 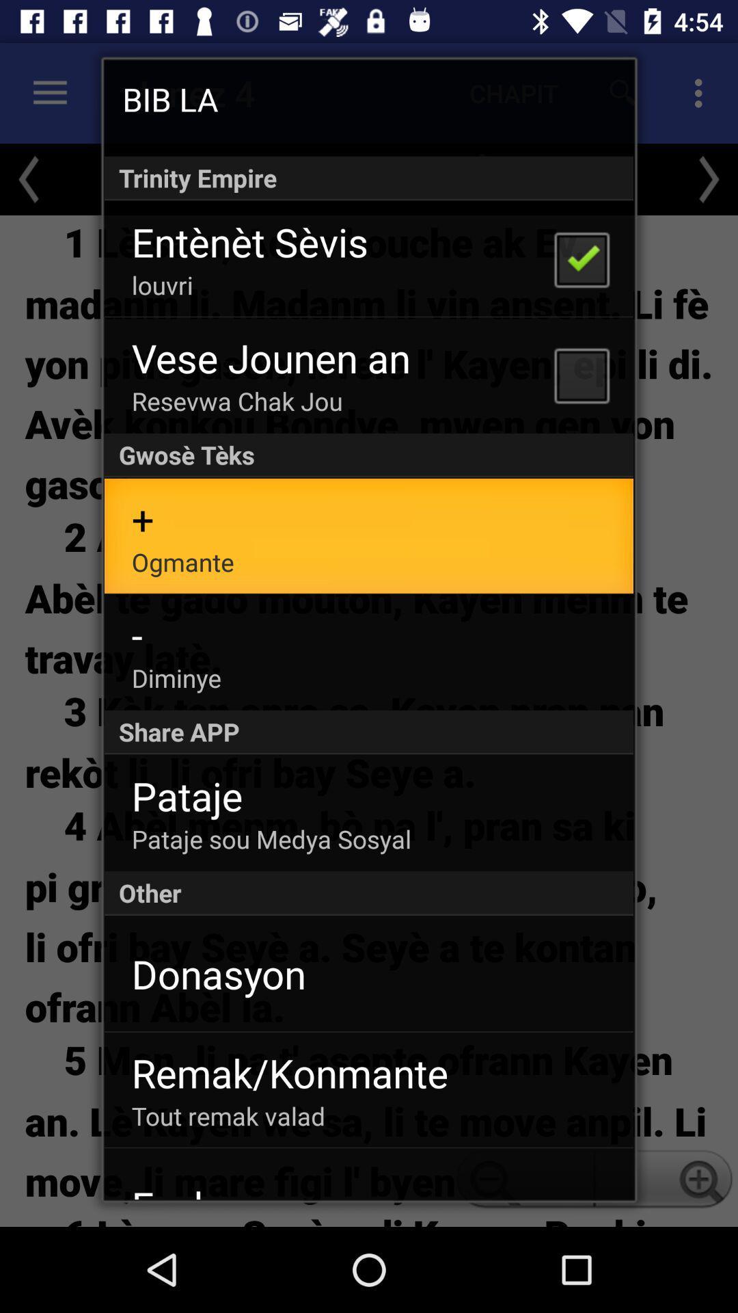 What do you see at coordinates (369, 455) in the screenshot?
I see `the icon above the +` at bounding box center [369, 455].